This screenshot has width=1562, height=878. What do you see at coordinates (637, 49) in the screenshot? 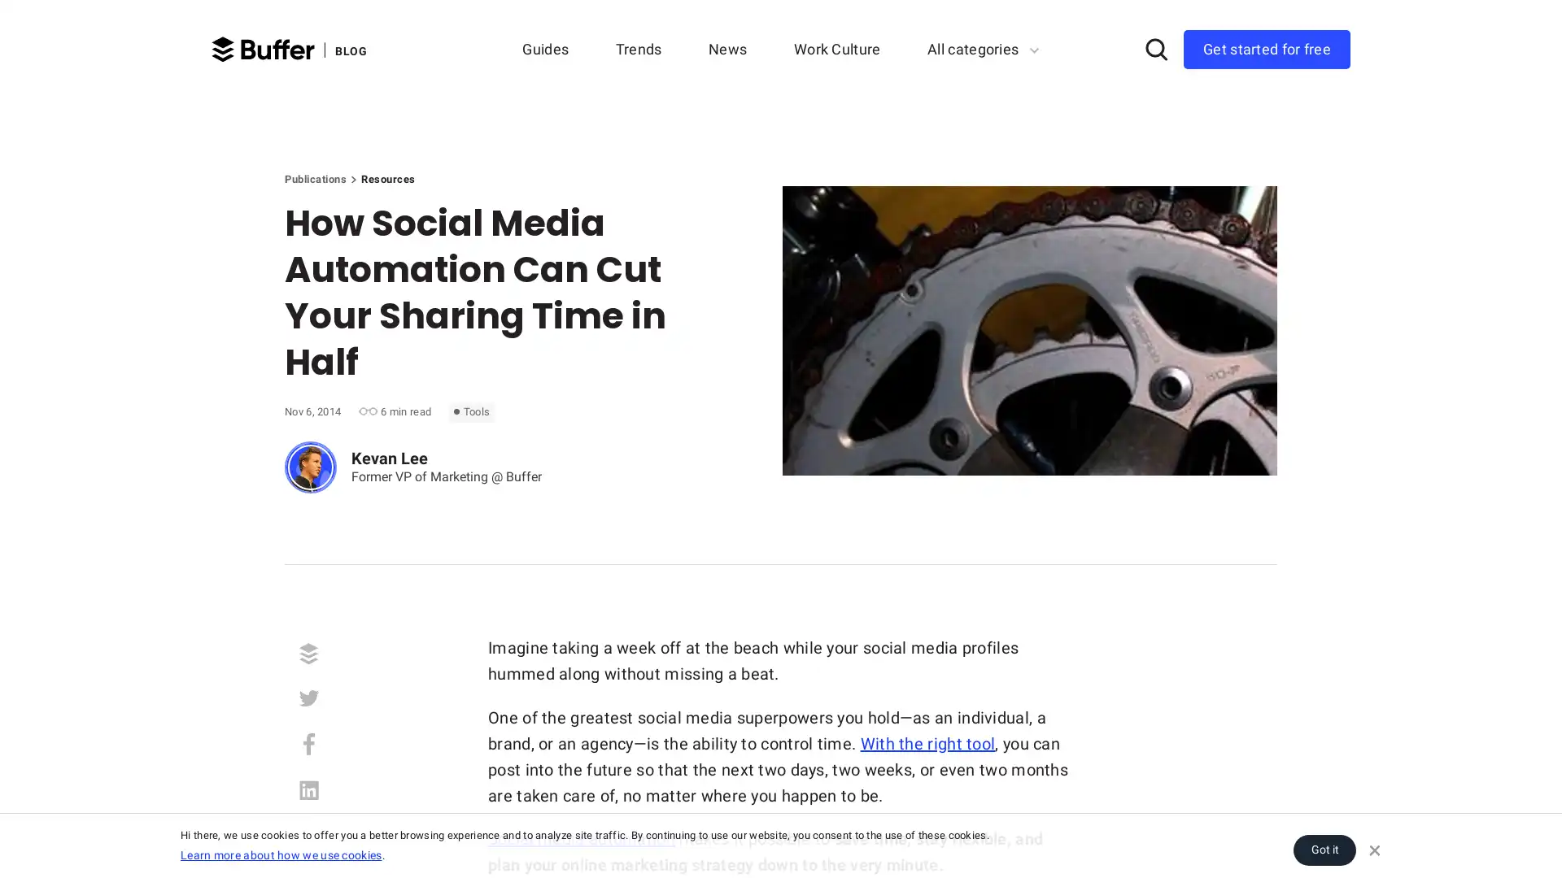
I see `Trends` at bounding box center [637, 49].